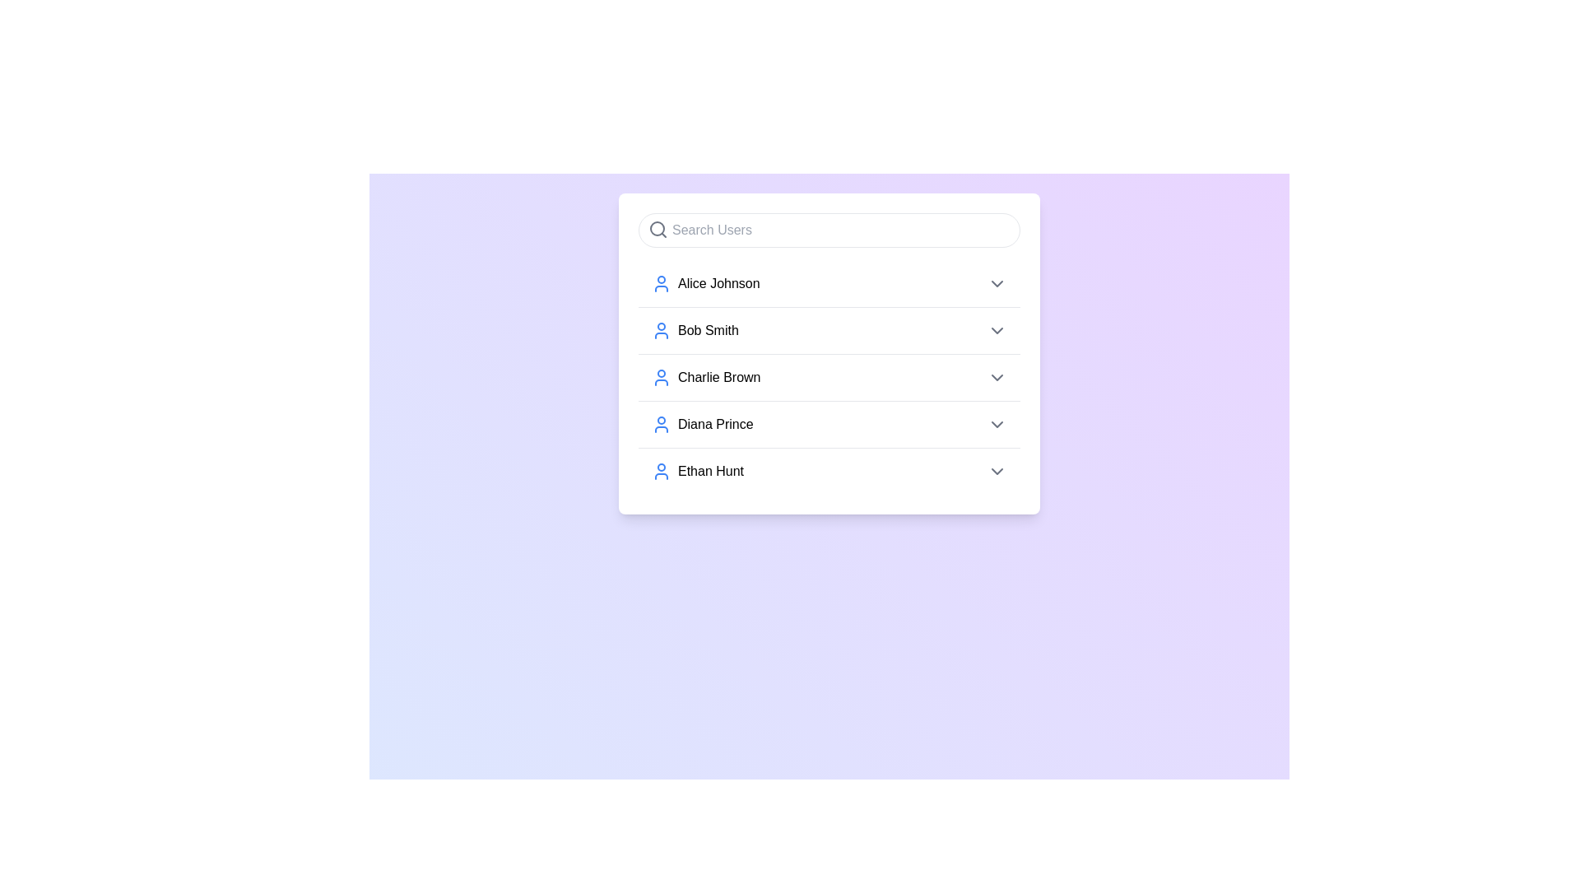  Describe the element at coordinates (658, 229) in the screenshot. I see `the search functionality icon, which is a gray magnifying glass located in the upper-left area of the search input box, positioned to the left of the placeholder text 'Search Users'` at that location.